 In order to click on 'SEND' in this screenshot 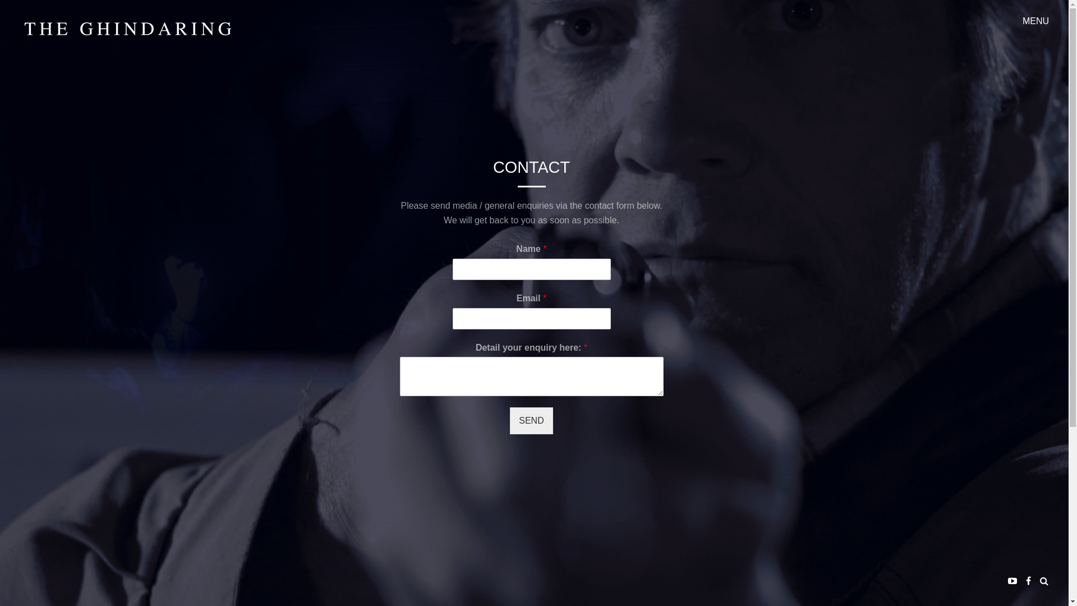, I will do `click(530, 420)`.